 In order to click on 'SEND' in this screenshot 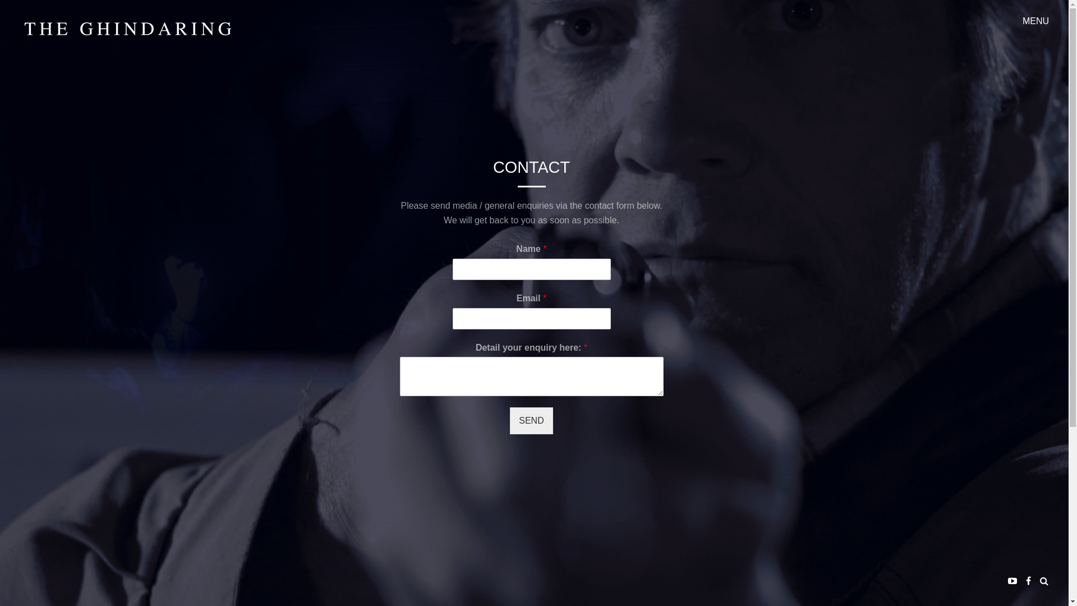, I will do `click(530, 420)`.